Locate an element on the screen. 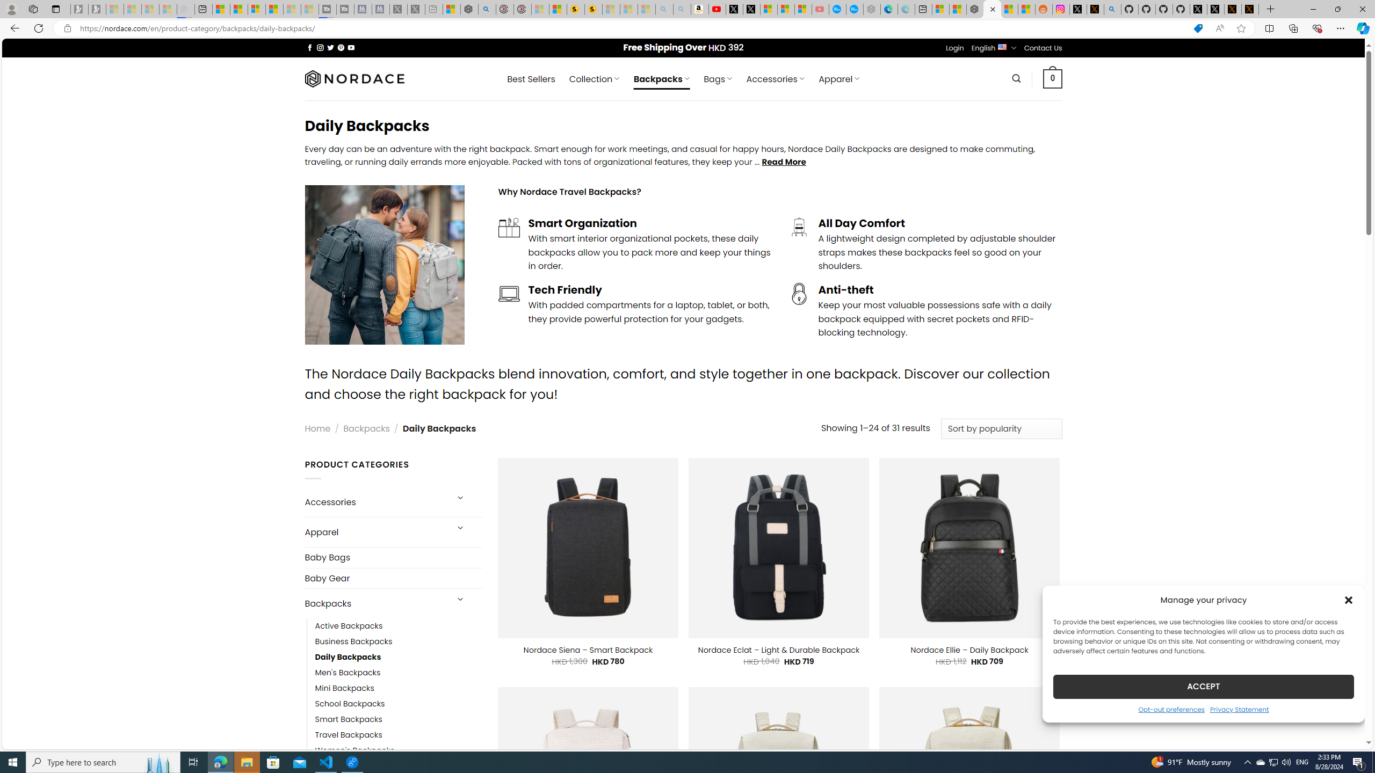  'Daily Backpacks' is located at coordinates (398, 657).